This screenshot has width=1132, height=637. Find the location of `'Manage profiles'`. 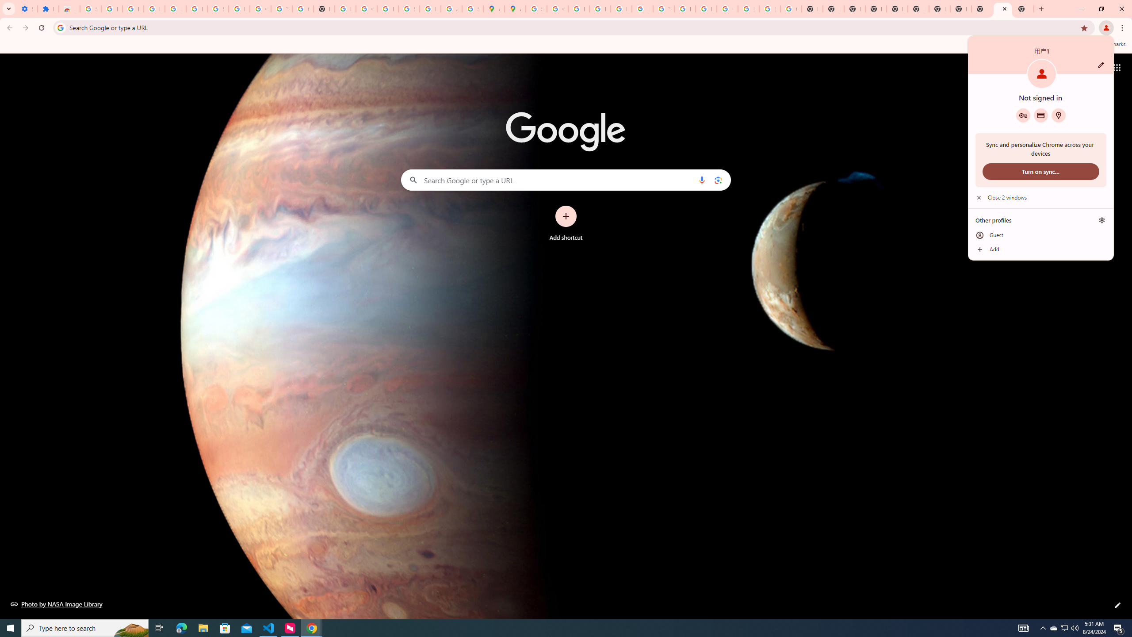

'Manage profiles' is located at coordinates (1101, 220).